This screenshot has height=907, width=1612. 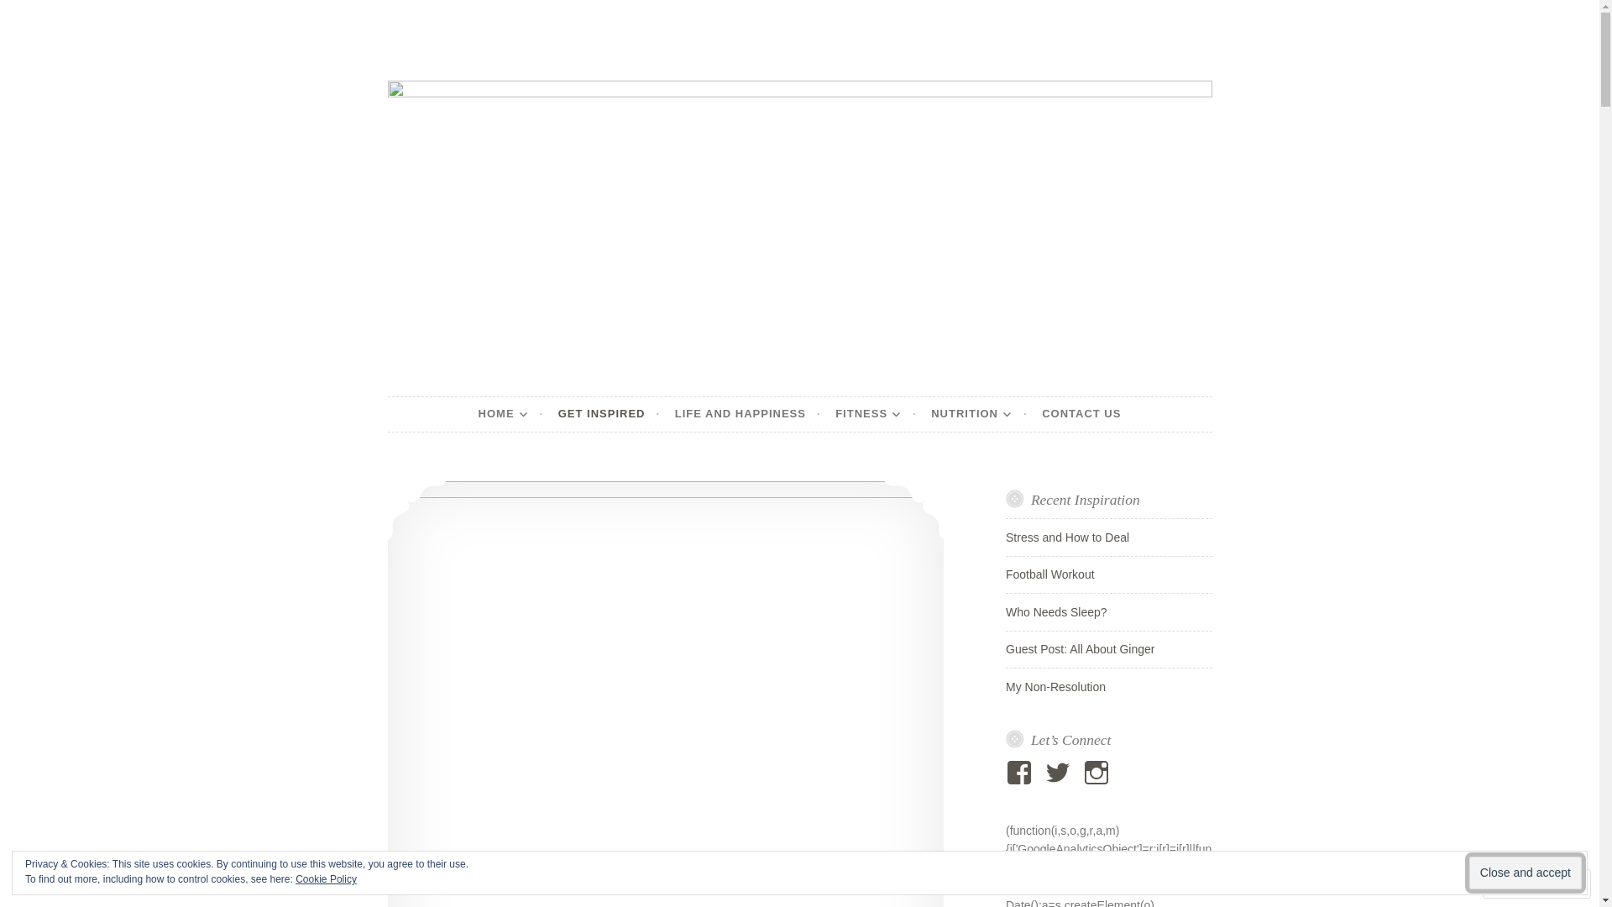 I want to click on 'Close and accept', so click(x=1526, y=872).